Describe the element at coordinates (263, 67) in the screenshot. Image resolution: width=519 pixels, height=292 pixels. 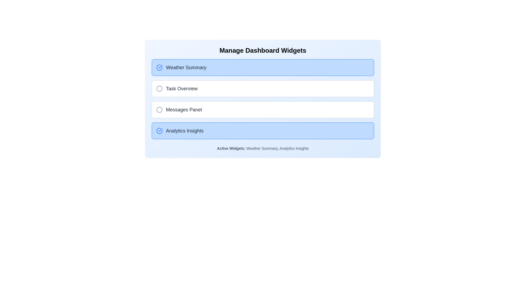
I see `the 'Weather Summary' selectable card, which is the first item in a vertically stacked list of similar cards` at that location.